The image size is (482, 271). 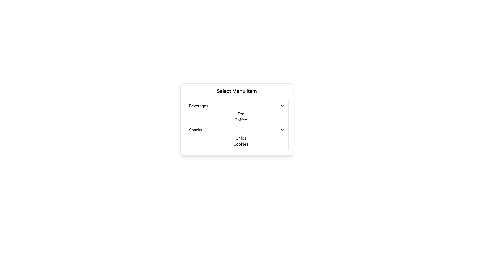 What do you see at coordinates (240, 120) in the screenshot?
I see `the 'Coffee' label in the 'Beverages' dropdown menu, which identifies it as an option under the Beverages category` at bounding box center [240, 120].